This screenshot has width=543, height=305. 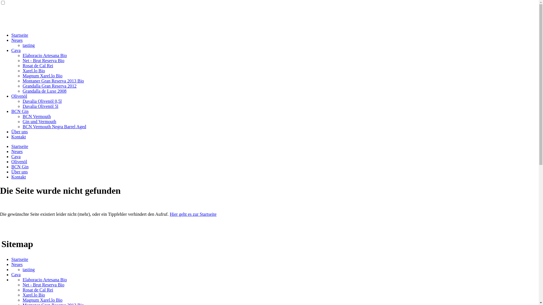 I want to click on 'Montaner Gran Reserva 2013 Bio', so click(x=23, y=81).